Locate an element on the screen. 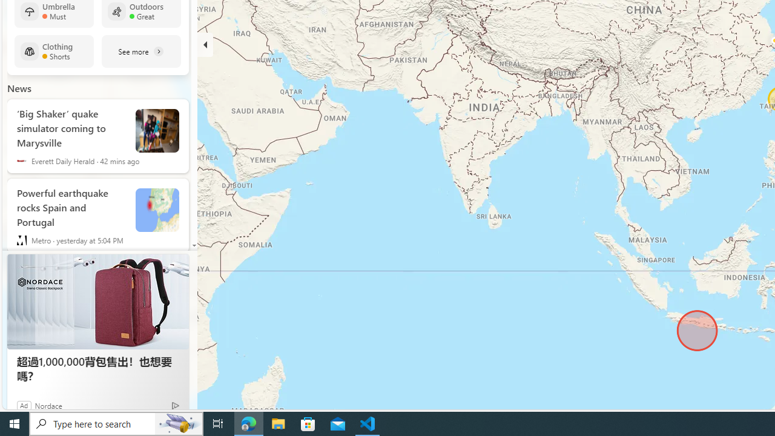 The height and width of the screenshot is (436, 775). 'Powerful earthquake rocks Spain and Portugal' is located at coordinates (70, 205).